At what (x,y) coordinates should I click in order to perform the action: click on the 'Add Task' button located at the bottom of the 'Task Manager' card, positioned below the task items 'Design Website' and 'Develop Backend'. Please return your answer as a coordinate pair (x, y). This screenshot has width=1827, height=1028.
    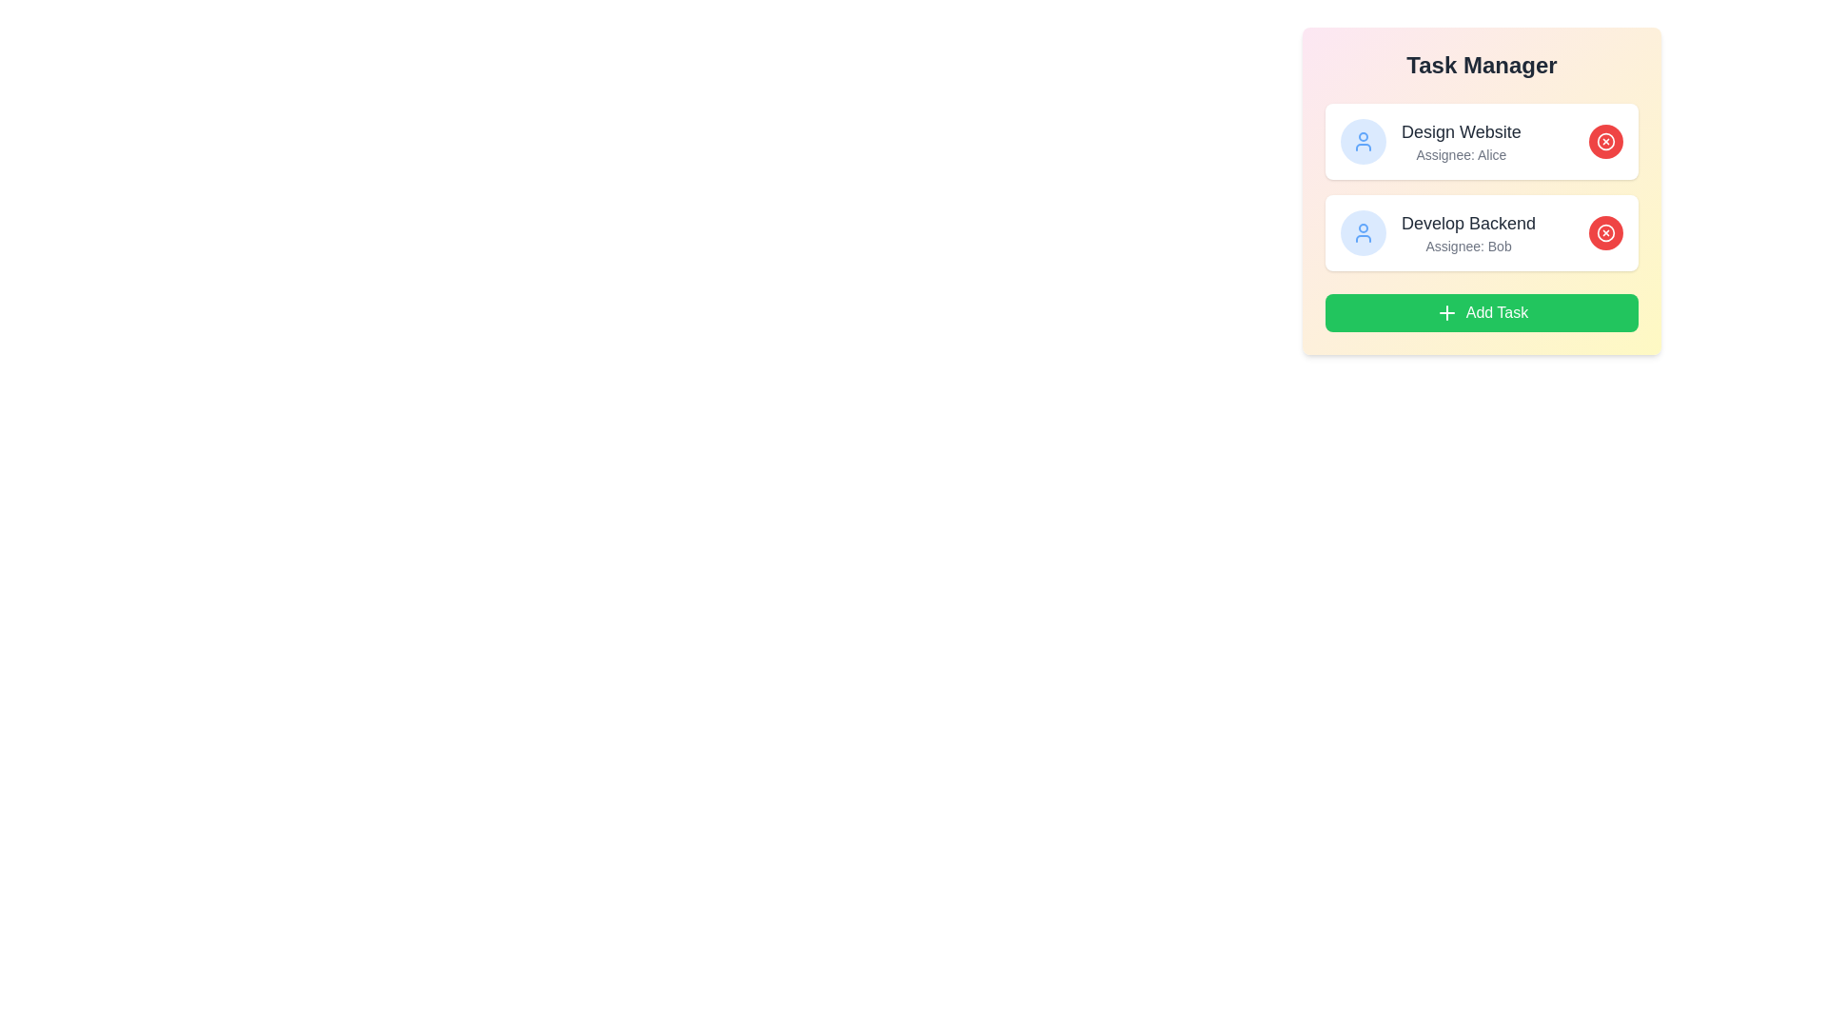
    Looking at the image, I should click on (1481, 311).